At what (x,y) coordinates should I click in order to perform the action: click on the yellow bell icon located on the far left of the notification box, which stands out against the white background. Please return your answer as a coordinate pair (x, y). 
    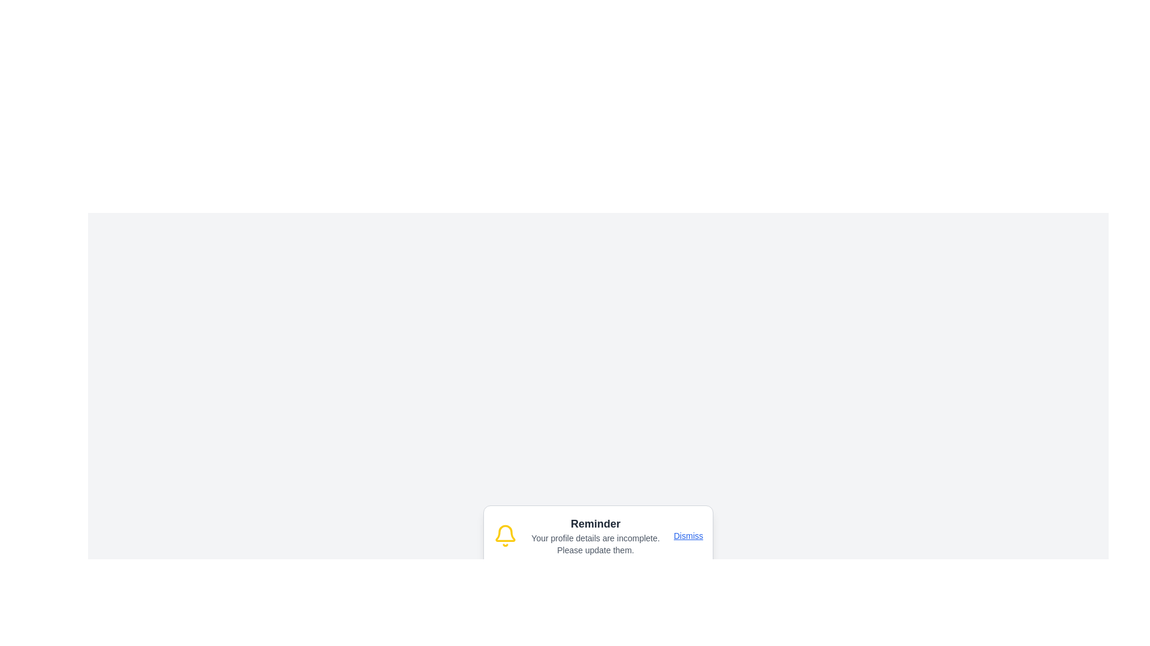
    Looking at the image, I should click on (506, 535).